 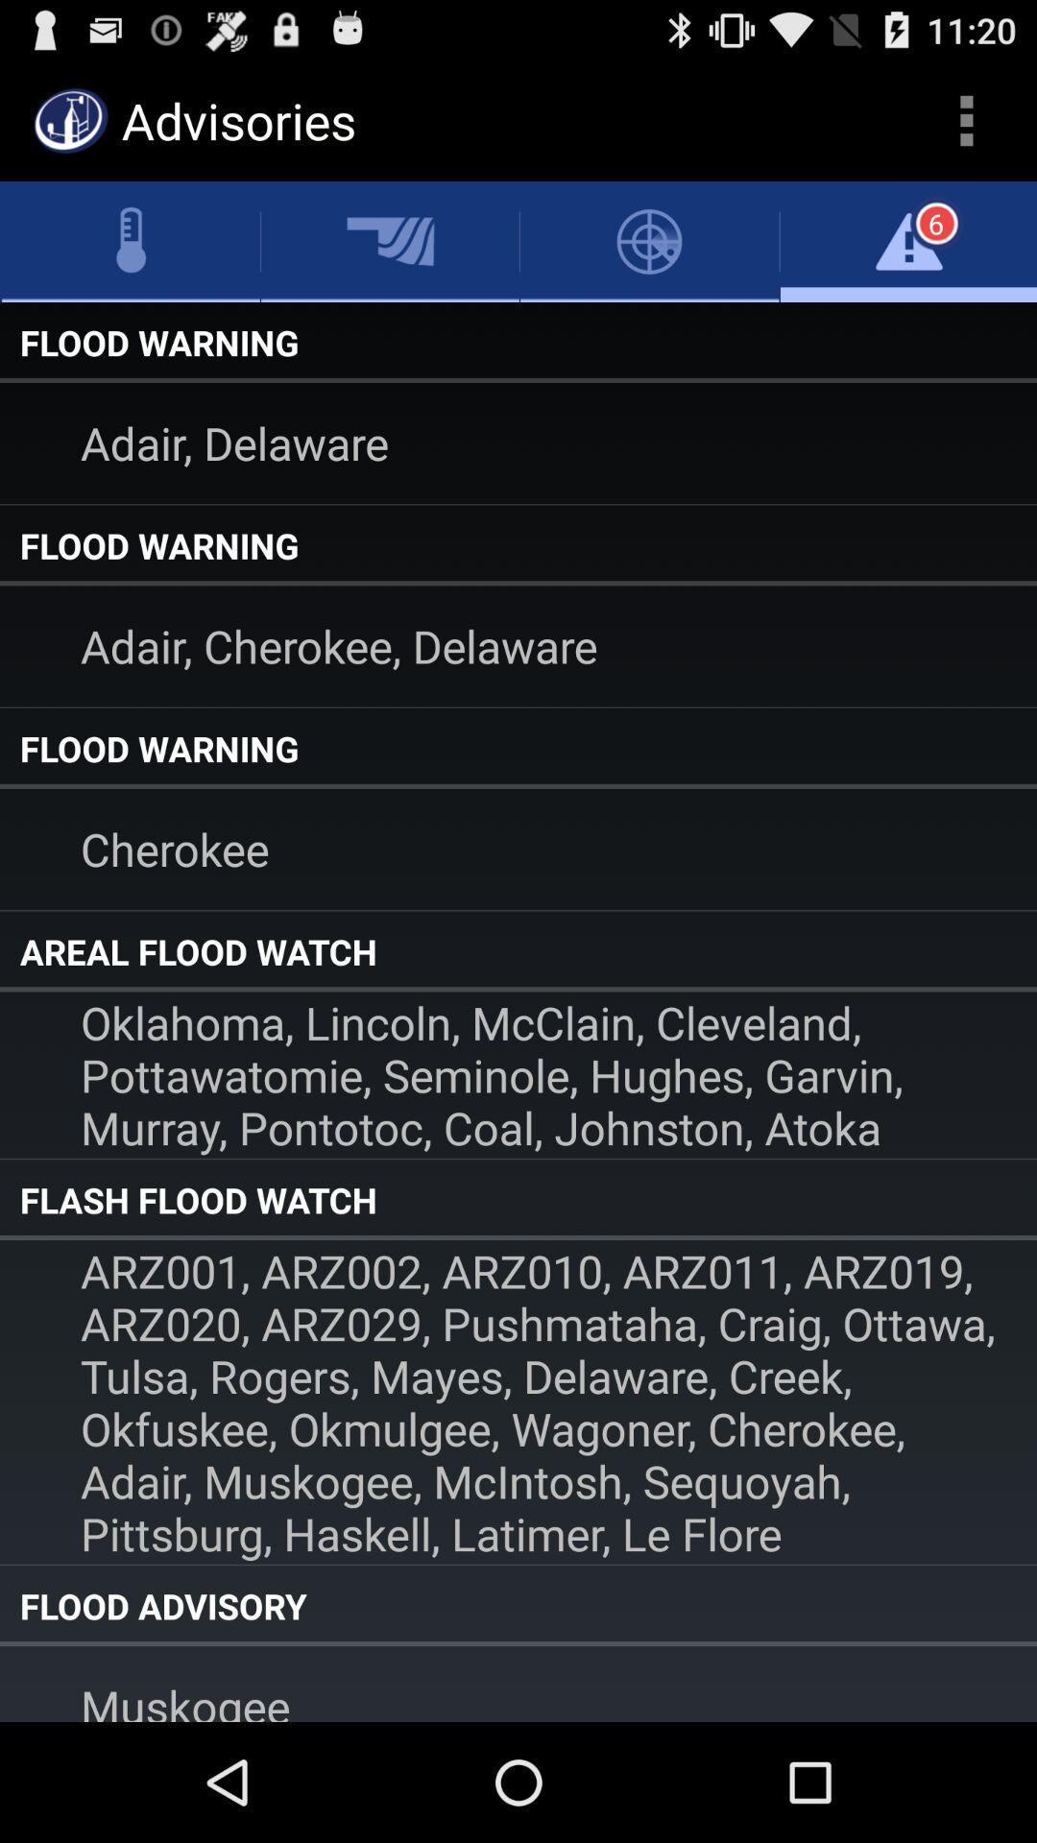 I want to click on the areal flood watch app, so click(x=518, y=951).